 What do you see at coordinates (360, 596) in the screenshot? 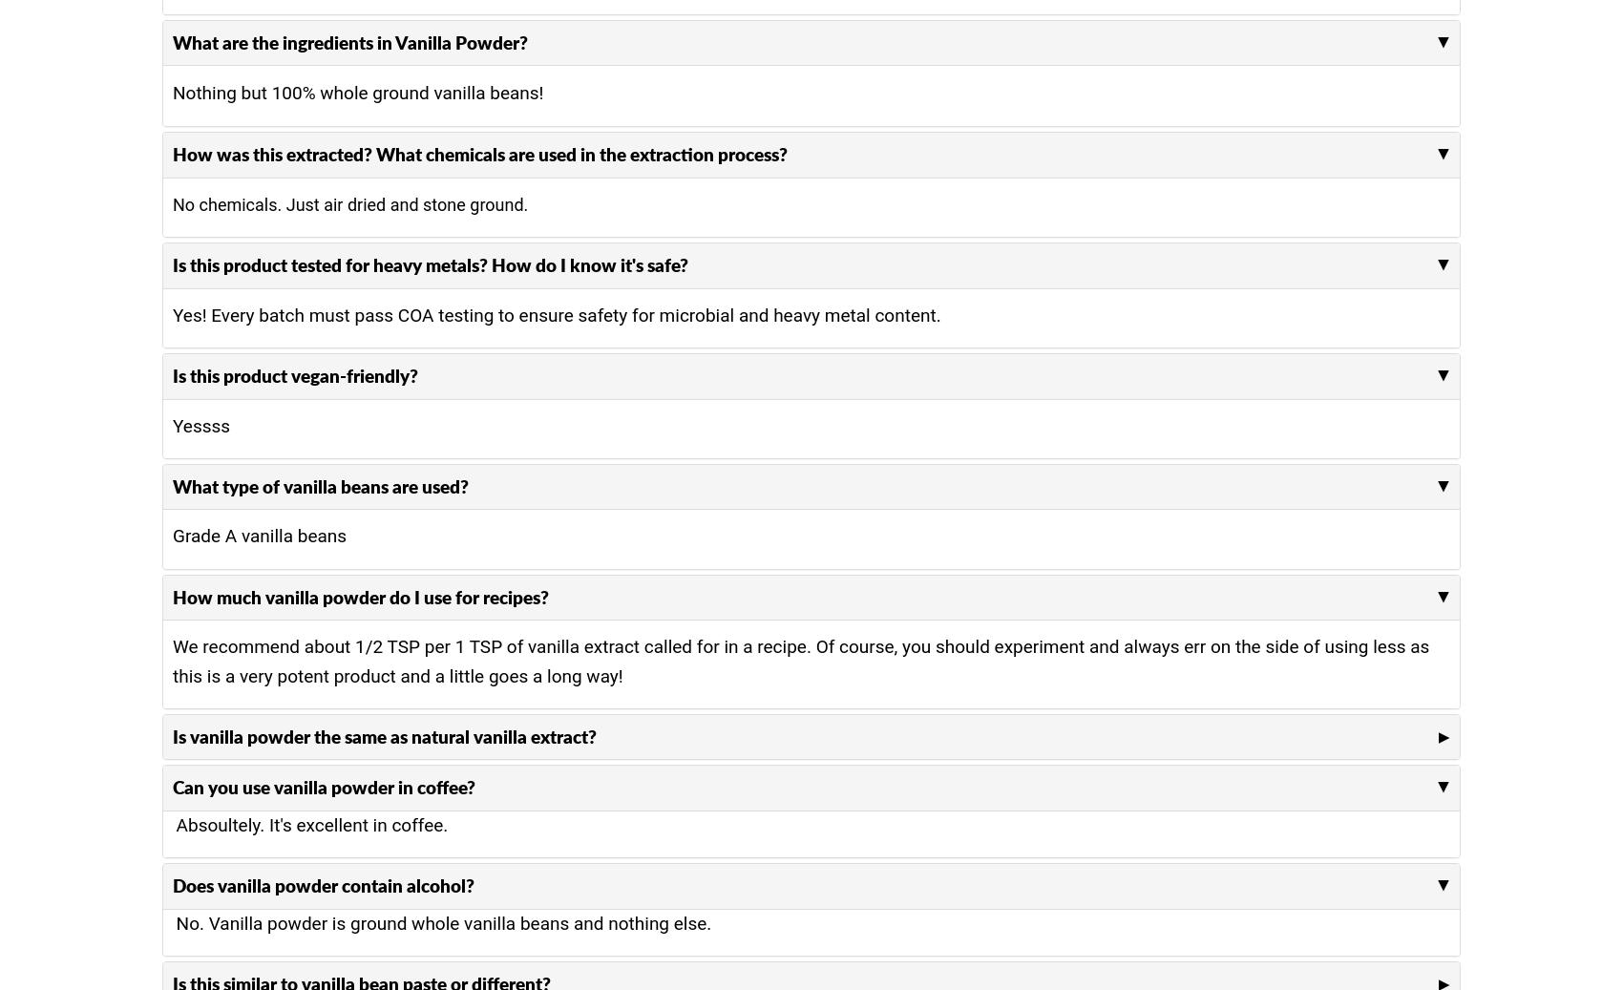
I see `'How much vanilla powder do I use for recipes?'` at bounding box center [360, 596].